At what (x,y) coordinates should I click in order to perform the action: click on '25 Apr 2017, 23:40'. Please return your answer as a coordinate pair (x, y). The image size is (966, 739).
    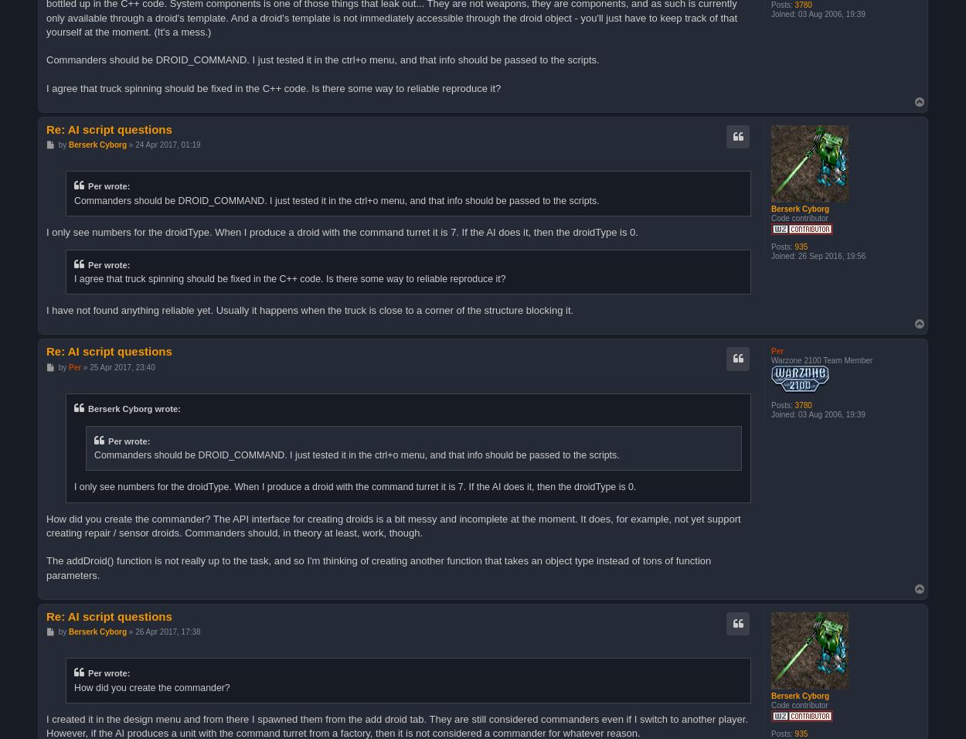
    Looking at the image, I should click on (122, 366).